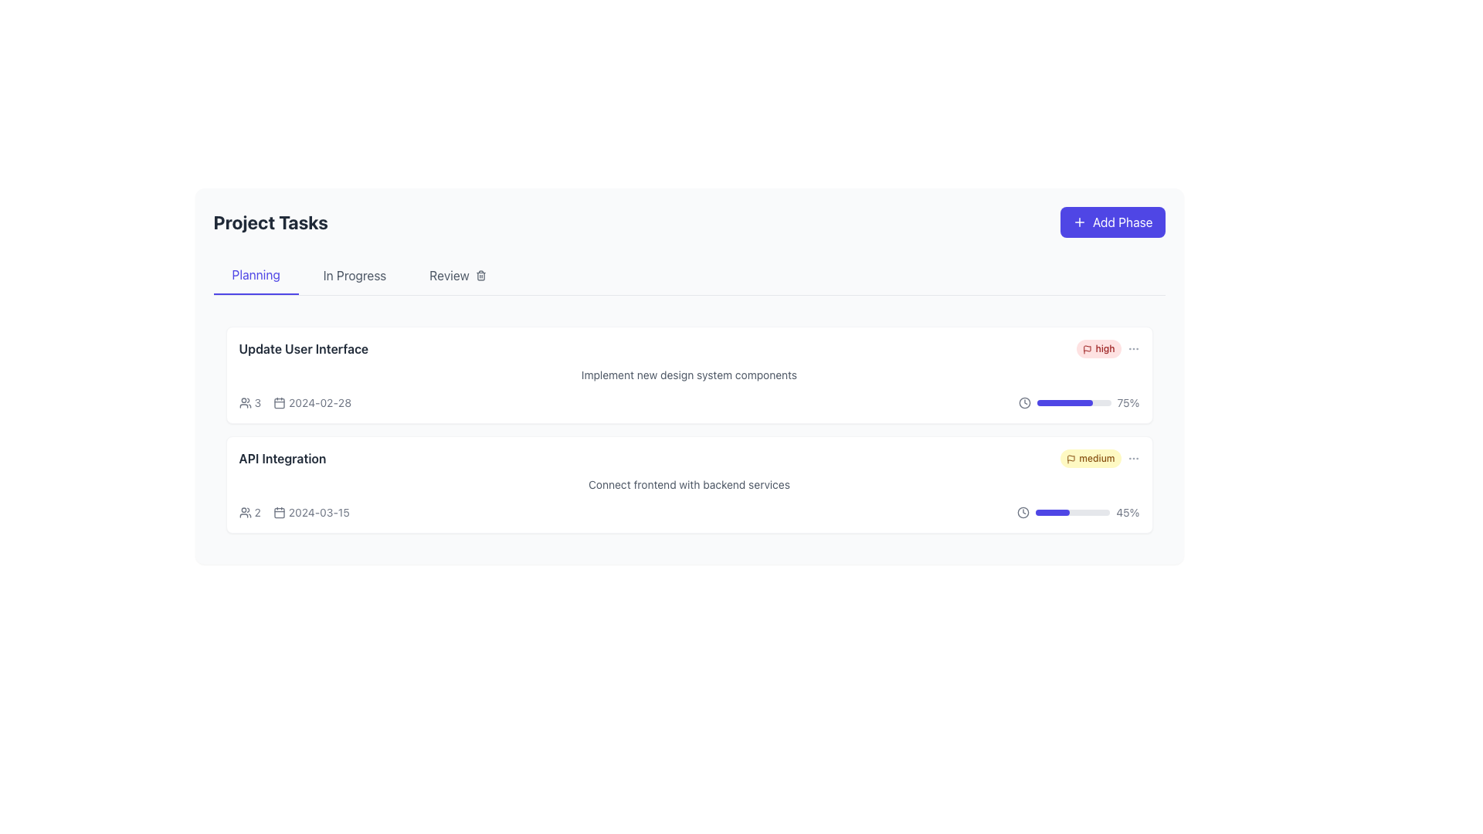 This screenshot has height=834, width=1483. What do you see at coordinates (279, 512) in the screenshot?
I see `the minimalist calendar icon located to the left of the date '2024-03-15' in the task labeled 'API Integration' for more details about the date or task` at bounding box center [279, 512].